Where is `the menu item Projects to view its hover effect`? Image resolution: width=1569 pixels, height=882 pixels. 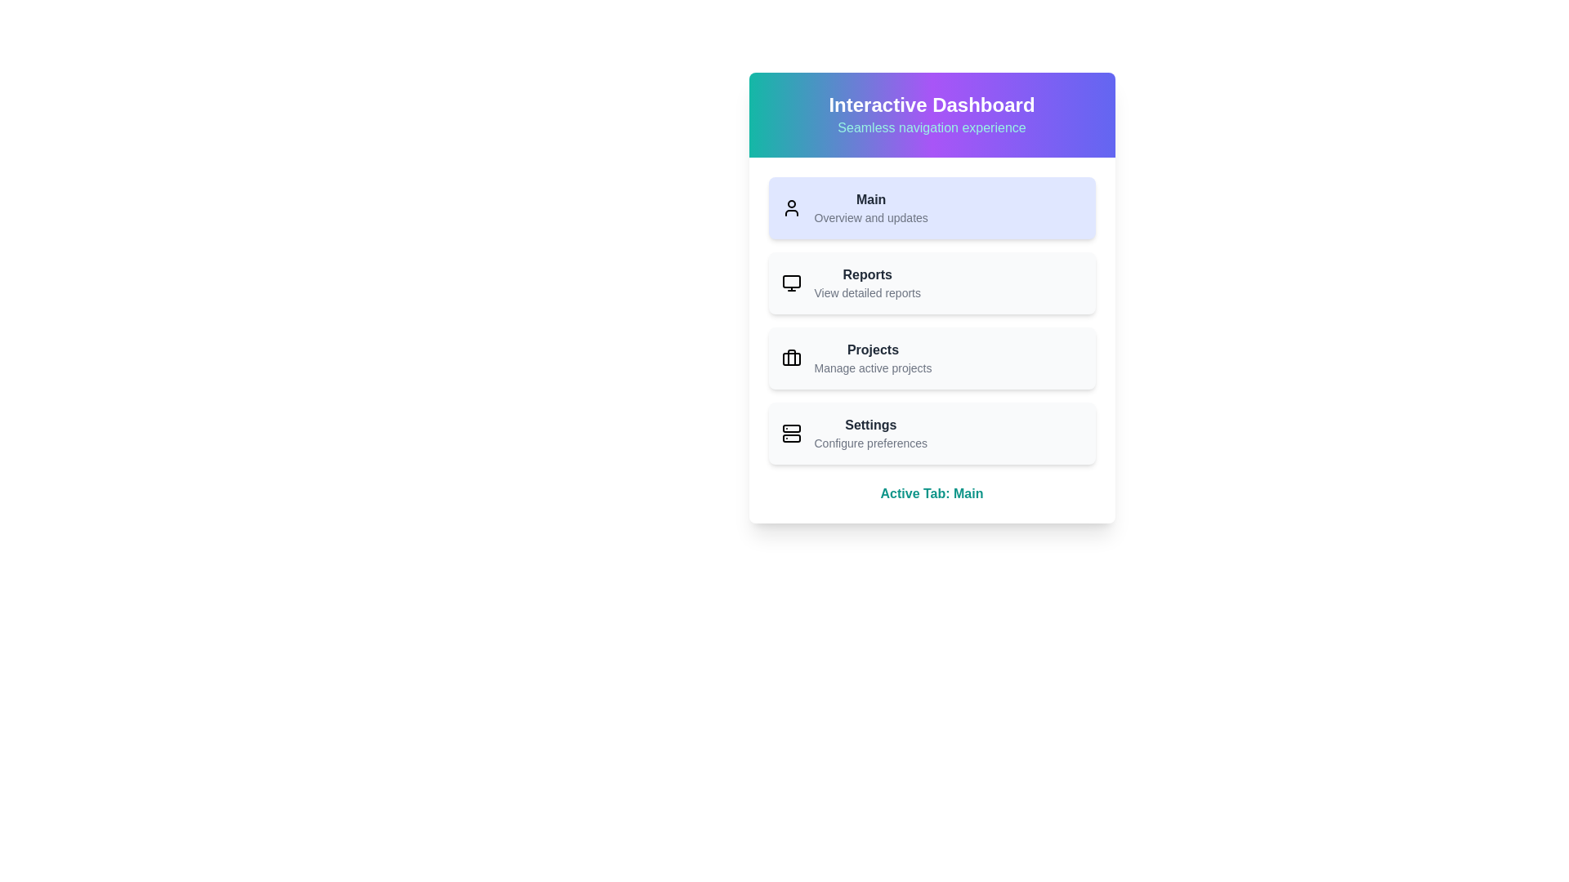
the menu item Projects to view its hover effect is located at coordinates (932, 358).